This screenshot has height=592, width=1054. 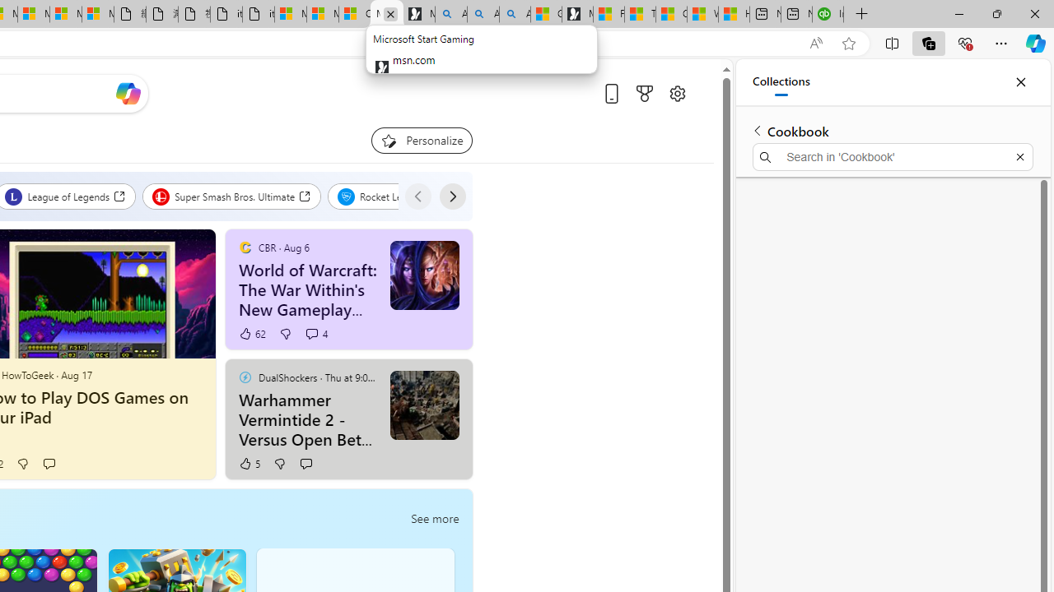 I want to click on 'How to Use a TV as a Computer Monitor', so click(x=733, y=14).